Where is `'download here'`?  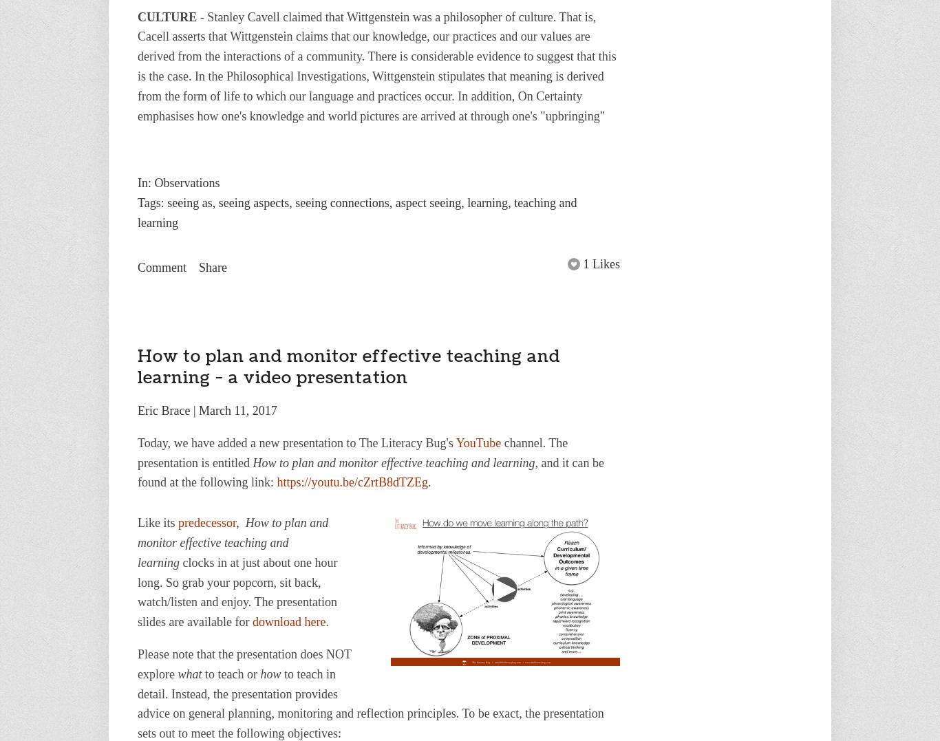
'download here' is located at coordinates (288, 622).